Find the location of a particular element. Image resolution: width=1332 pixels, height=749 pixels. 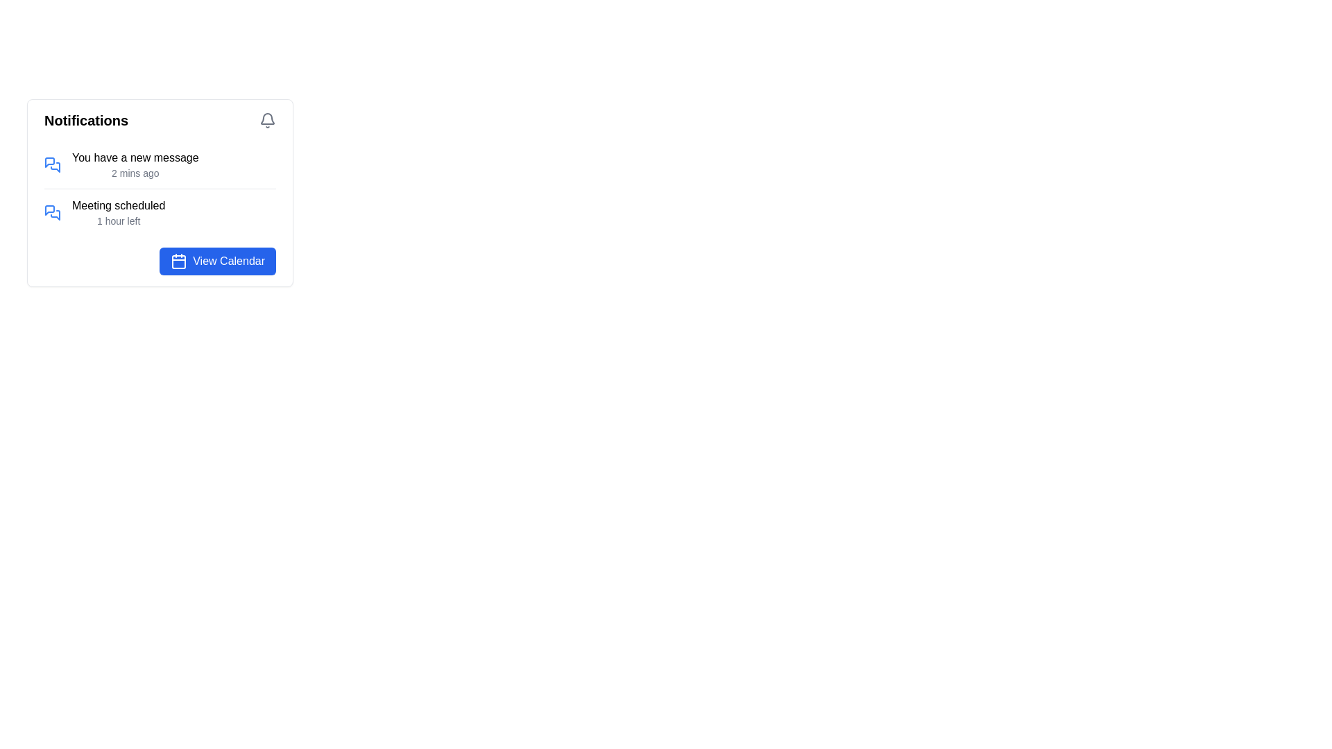

text element displaying 'You have a new message' within the notifications panel, located near the top-left section and preceding the '2 mins ago' timestamp is located at coordinates (135, 157).